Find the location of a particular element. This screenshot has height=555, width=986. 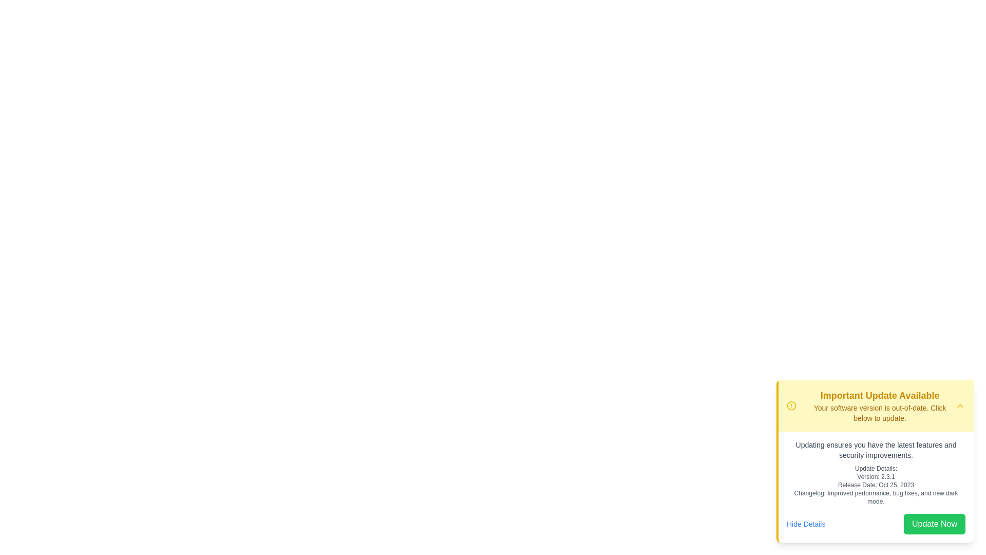

the title text of the notification box, which is the first line of text and visually distinct from other text is located at coordinates (879, 395).